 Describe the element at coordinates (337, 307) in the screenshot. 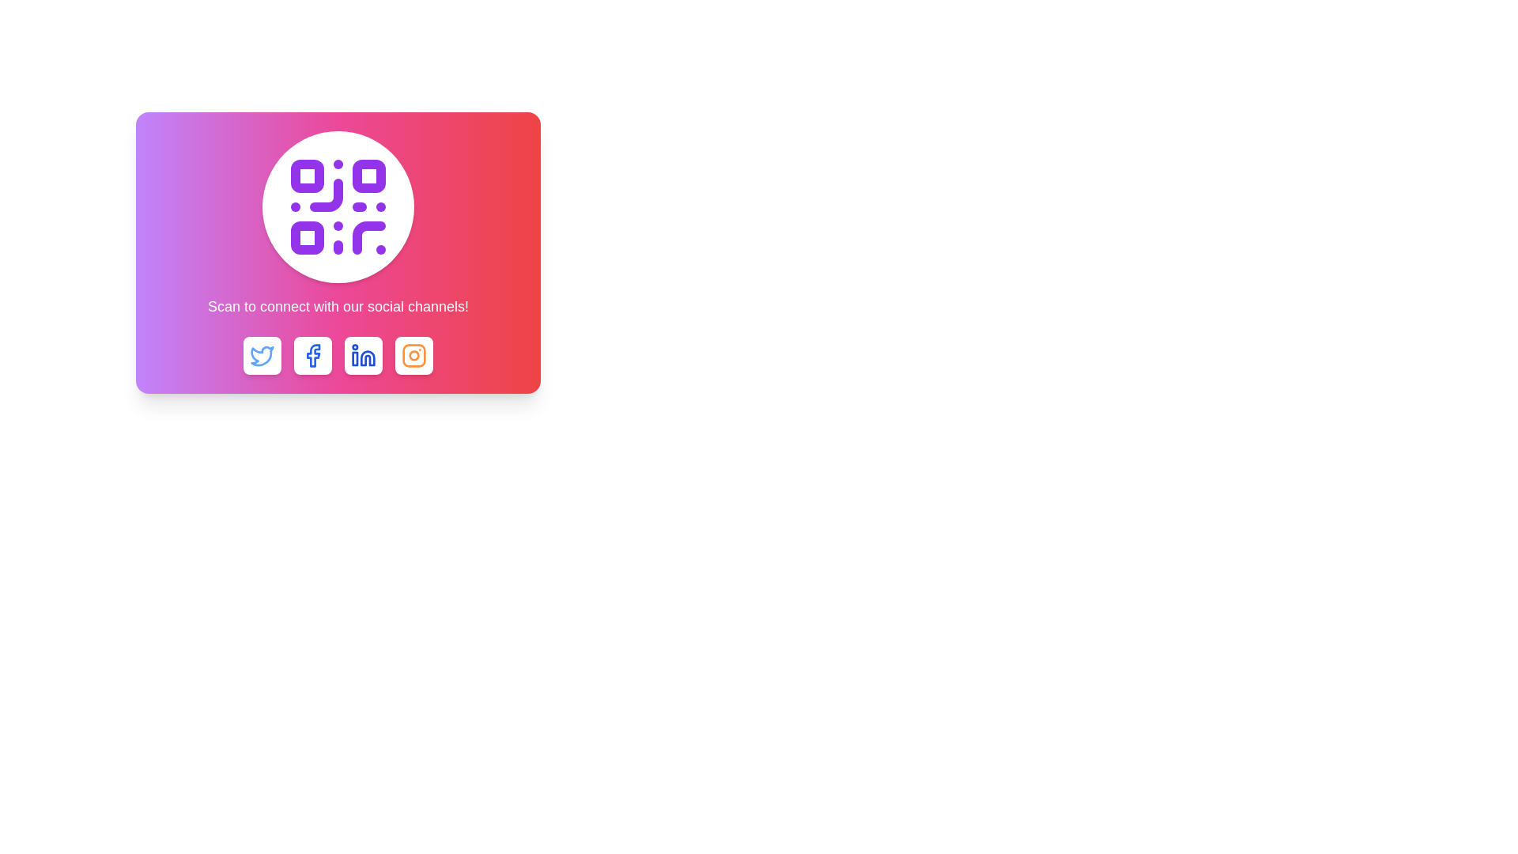

I see `the non-interactive text label displaying 'Scan to connect with our social channels!' which is positioned below the QR code graphic` at that location.